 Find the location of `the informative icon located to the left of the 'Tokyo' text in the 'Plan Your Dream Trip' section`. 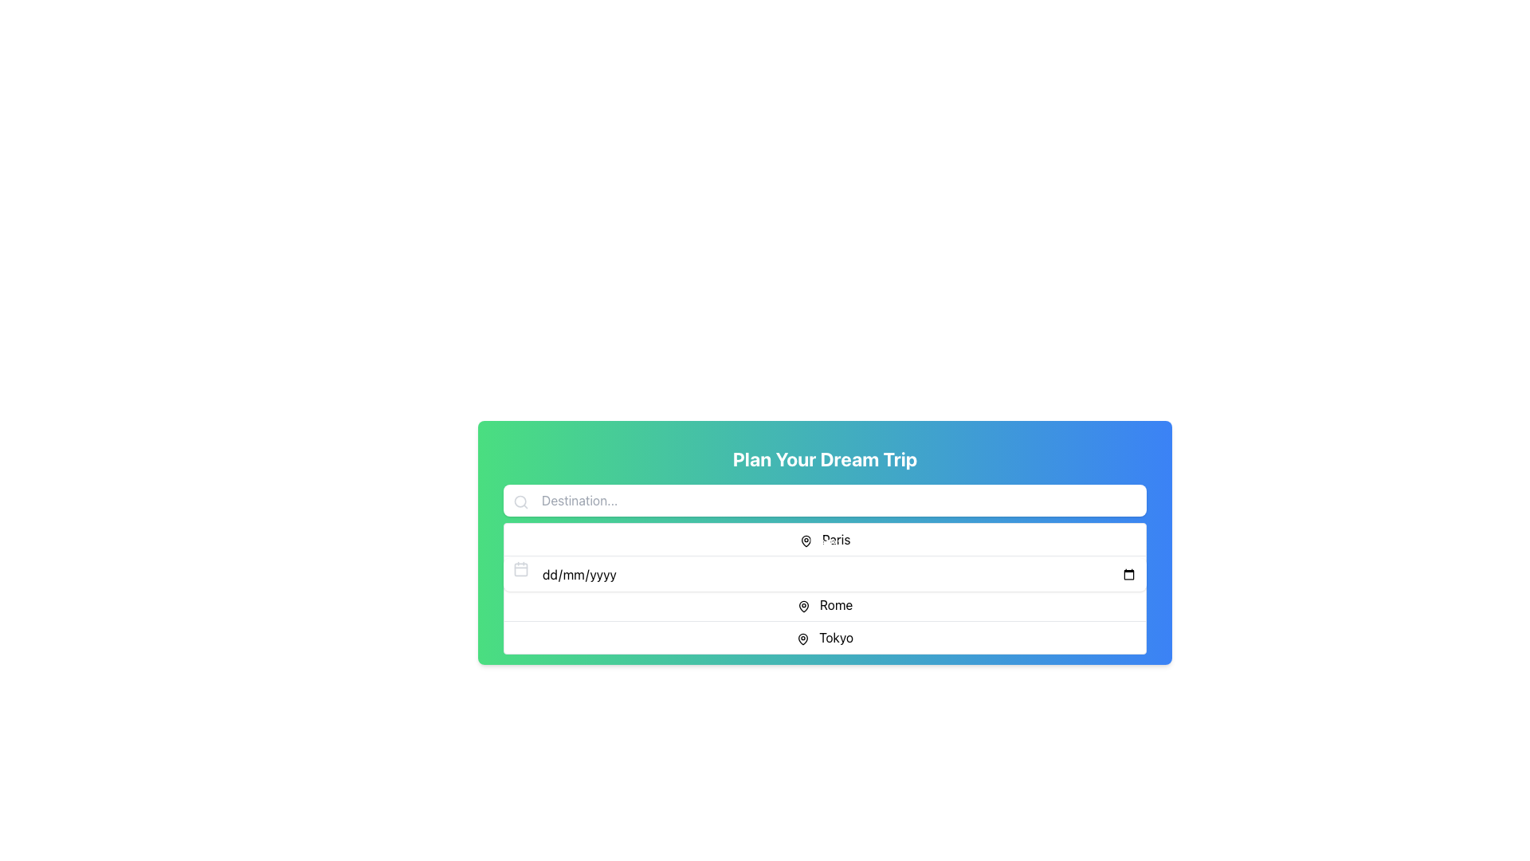

the informative icon located to the left of the 'Tokyo' text in the 'Plan Your Dream Trip' section is located at coordinates (803, 638).